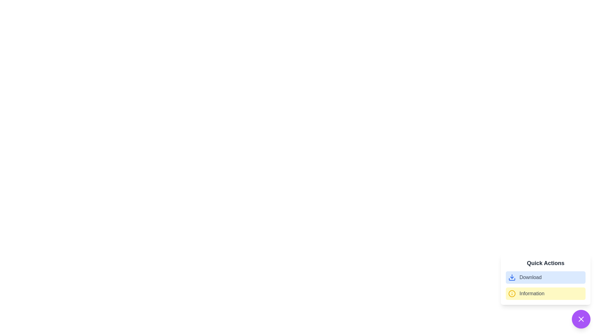 The width and height of the screenshot is (598, 336). I want to click on the 'X' symbol inside the purple circular button located in the bottom-right corner of the interface, so click(581, 319).